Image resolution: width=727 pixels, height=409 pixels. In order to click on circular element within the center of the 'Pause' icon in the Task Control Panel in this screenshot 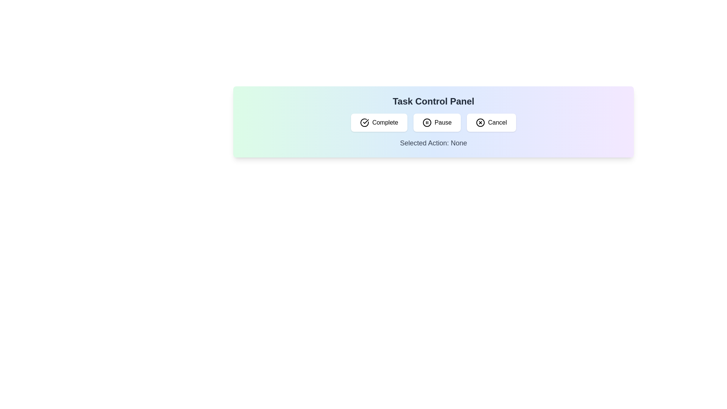, I will do `click(427, 122)`.